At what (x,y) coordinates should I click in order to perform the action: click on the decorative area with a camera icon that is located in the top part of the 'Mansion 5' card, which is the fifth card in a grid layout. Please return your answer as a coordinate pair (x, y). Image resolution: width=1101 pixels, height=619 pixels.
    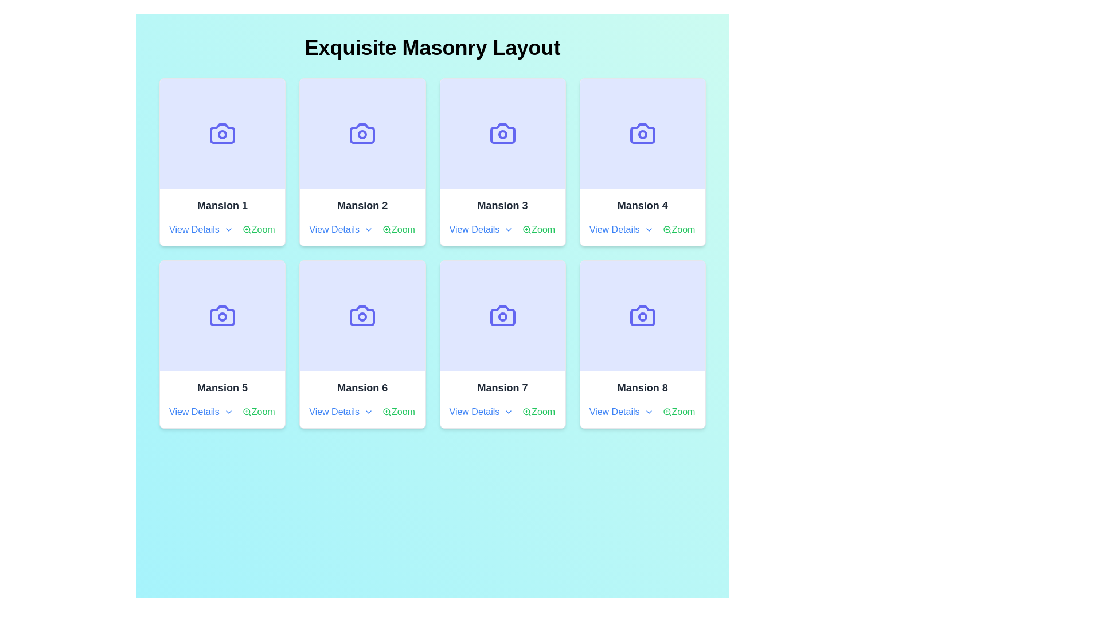
    Looking at the image, I should click on (222, 316).